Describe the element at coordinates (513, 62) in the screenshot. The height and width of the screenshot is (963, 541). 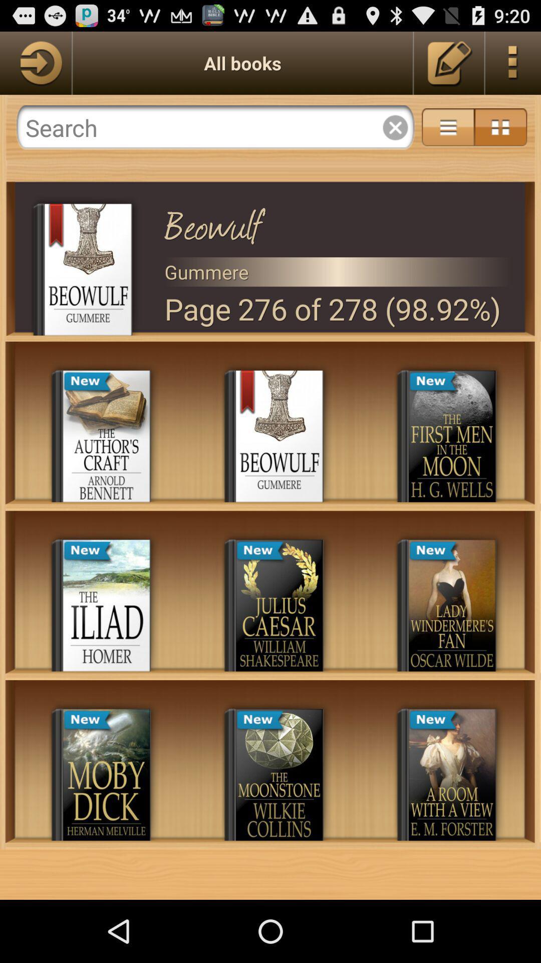
I see `option to open other menu items` at that location.